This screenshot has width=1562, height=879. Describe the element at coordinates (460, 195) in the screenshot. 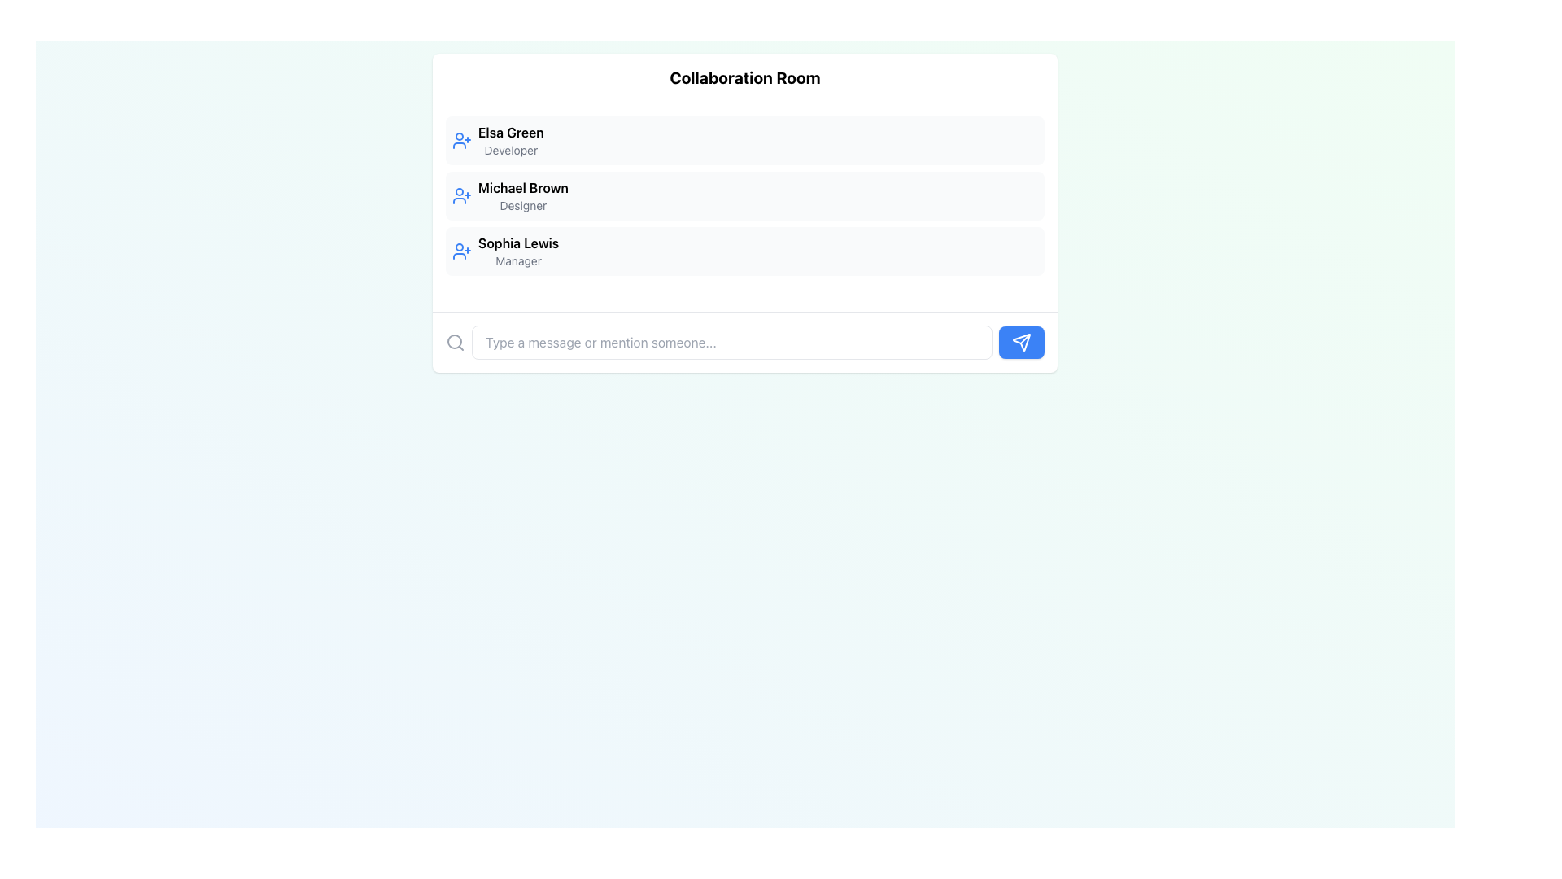

I see `the icon button located on the left side of the entry for 'Michael Brown, Designer' in the second entry of the 'Collaboration Room' section` at that location.